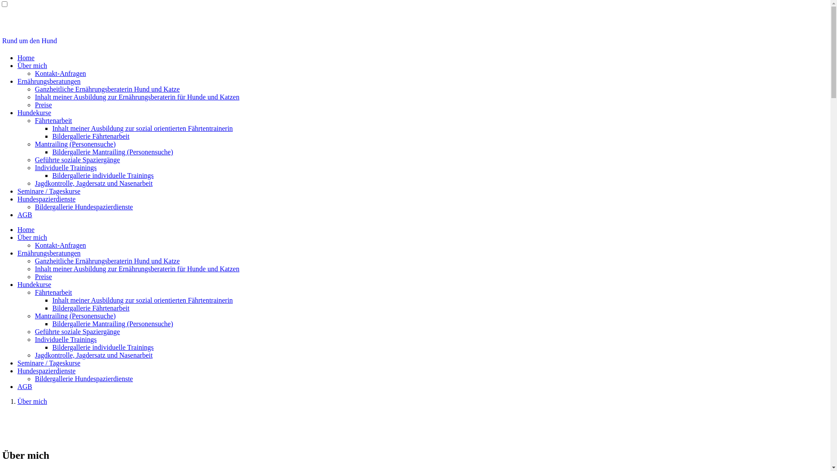 This screenshot has height=471, width=837. Describe the element at coordinates (65, 339) in the screenshot. I see `'Individuelle Trainings'` at that location.